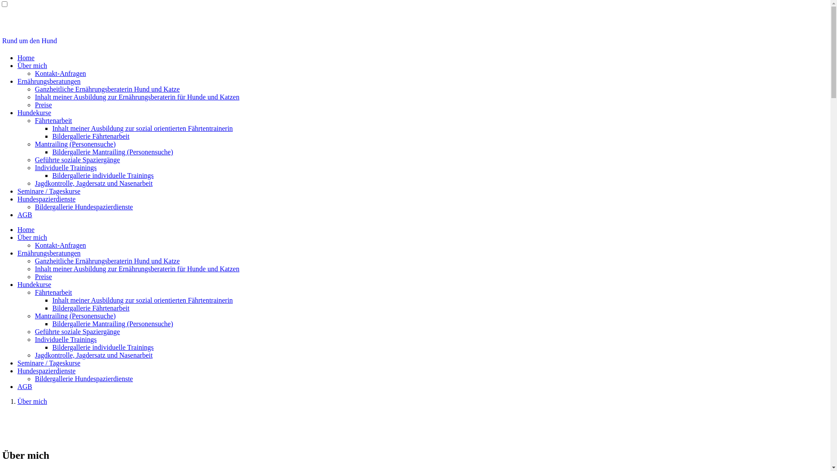 This screenshot has height=471, width=837. Describe the element at coordinates (65, 339) in the screenshot. I see `'Individuelle Trainings'` at that location.